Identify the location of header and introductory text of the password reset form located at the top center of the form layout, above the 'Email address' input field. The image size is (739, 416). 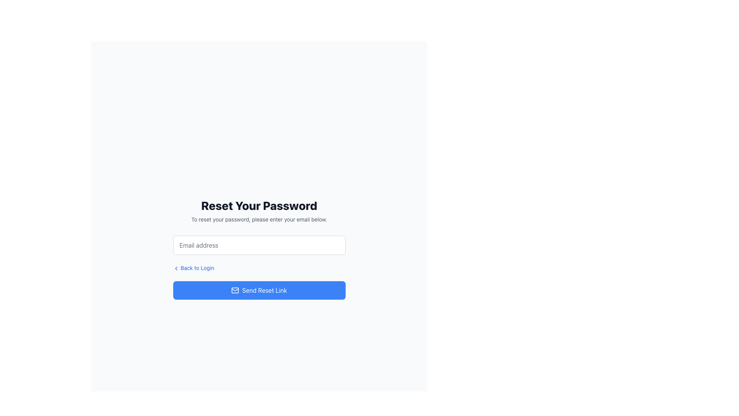
(259, 211).